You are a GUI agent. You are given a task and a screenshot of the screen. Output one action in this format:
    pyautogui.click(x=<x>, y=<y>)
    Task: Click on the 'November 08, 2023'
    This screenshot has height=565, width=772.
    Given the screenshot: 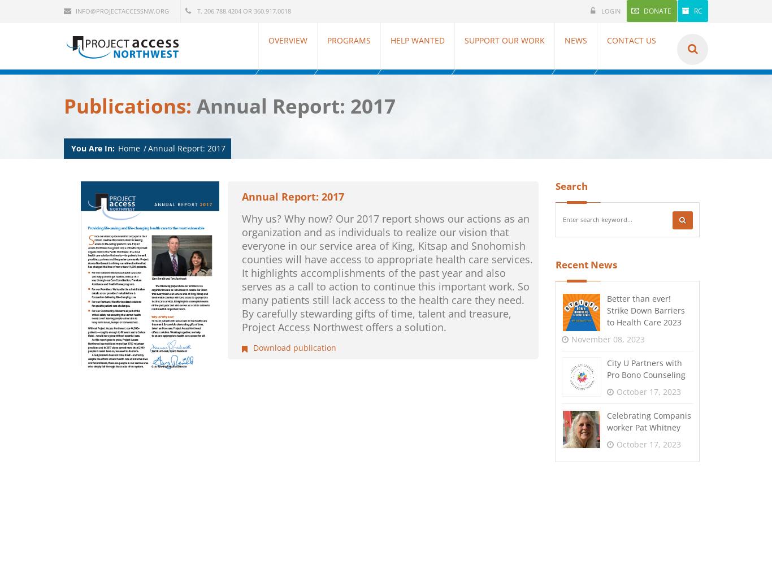 What is the action you would take?
    pyautogui.click(x=607, y=338)
    